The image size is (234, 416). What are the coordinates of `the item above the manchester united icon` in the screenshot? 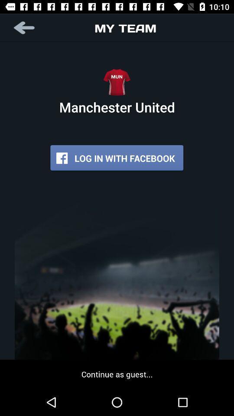 It's located at (25, 28).